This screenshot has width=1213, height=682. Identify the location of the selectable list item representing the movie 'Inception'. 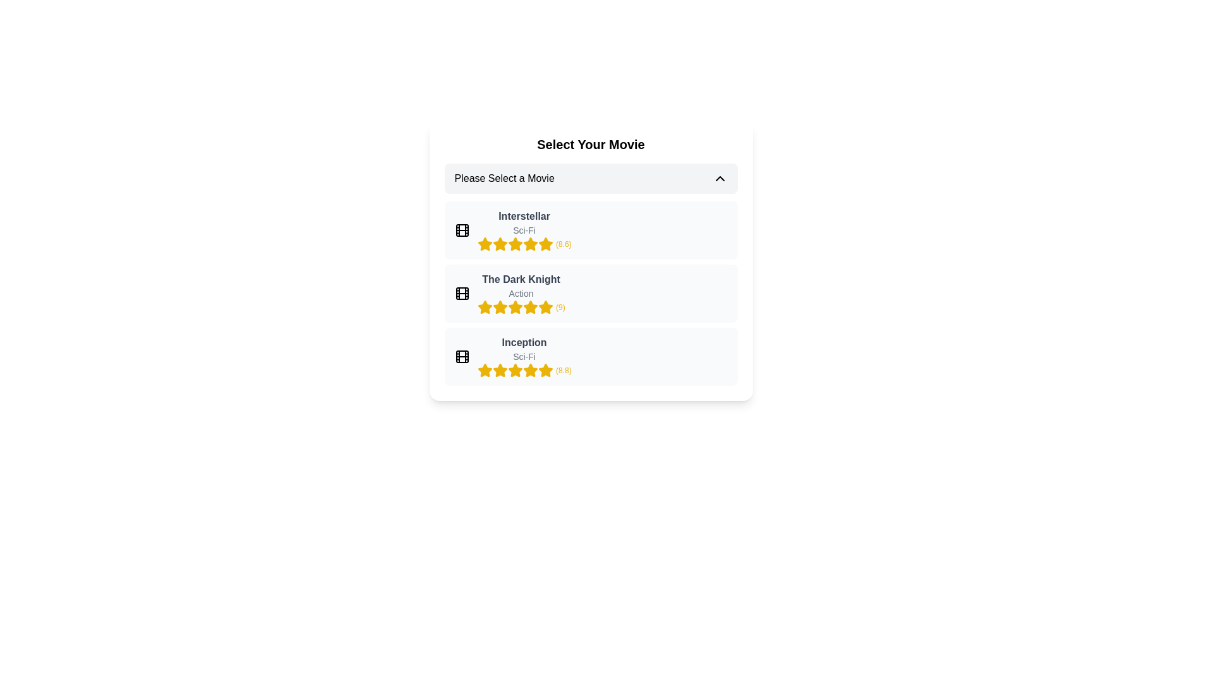
(524, 356).